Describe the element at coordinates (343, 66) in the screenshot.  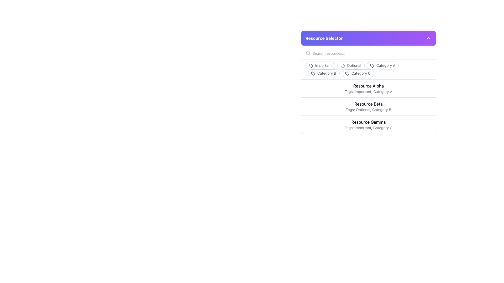
I see `the angular tag icon, which is part of an SVG group and positioned to the left of the 'Optional' tag` at that location.